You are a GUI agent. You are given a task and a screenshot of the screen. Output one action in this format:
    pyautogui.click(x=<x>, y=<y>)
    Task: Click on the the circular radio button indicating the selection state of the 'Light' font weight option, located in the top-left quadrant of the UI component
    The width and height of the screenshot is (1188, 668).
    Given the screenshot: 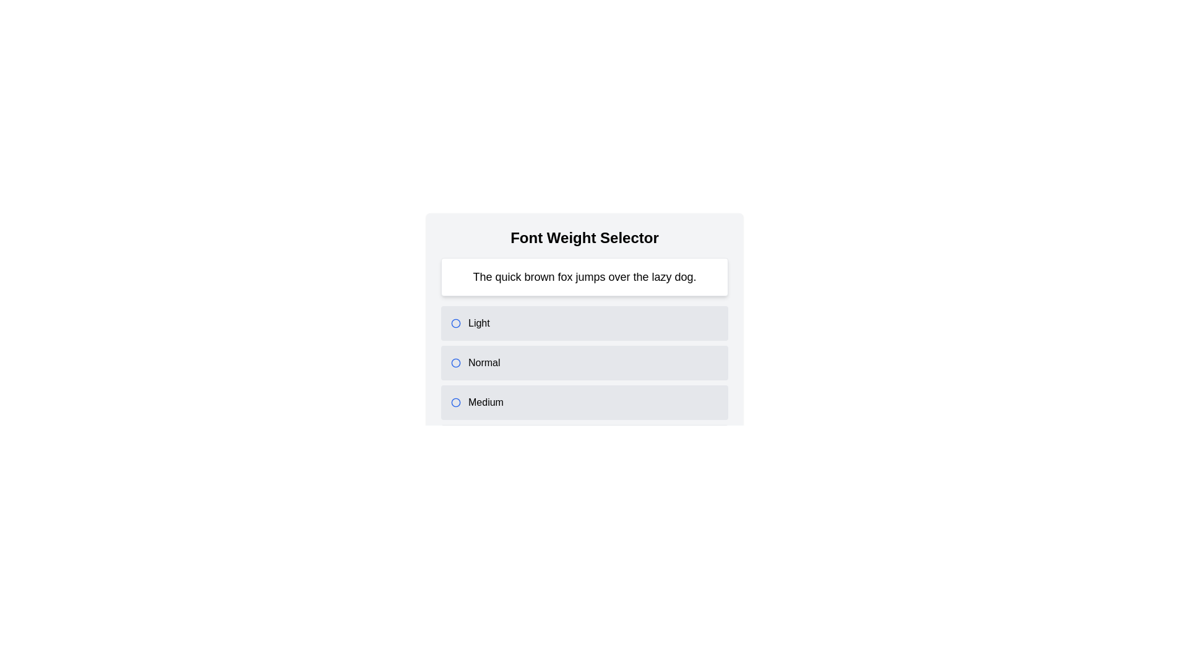 What is the action you would take?
    pyautogui.click(x=455, y=323)
    